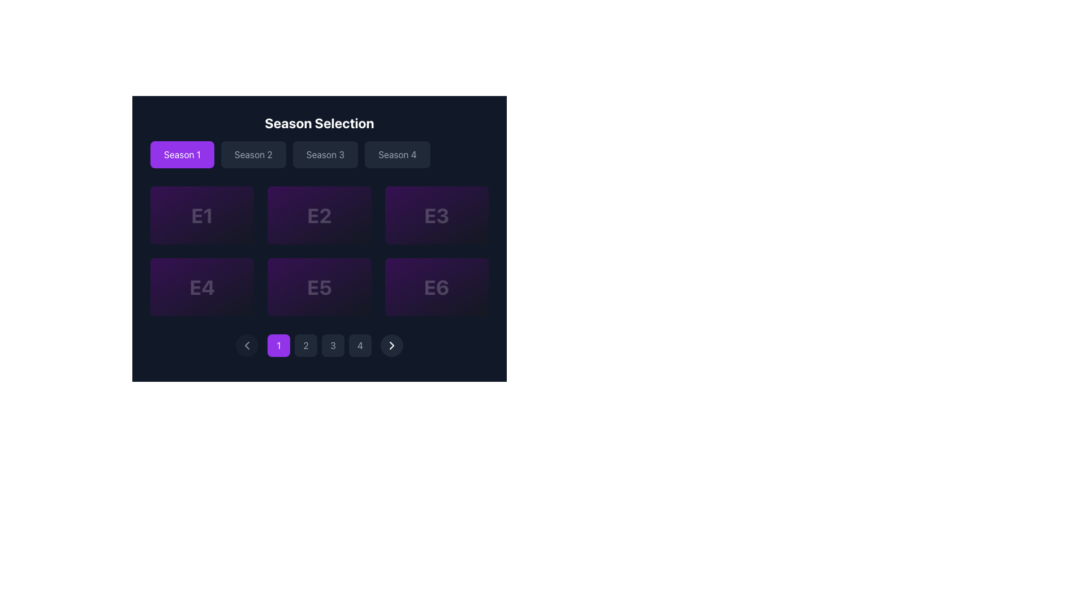 The image size is (1086, 610). I want to click on the non-interactive text label for 'E4' located in the second row, first column of the 2x3 grid within the 'Season 1' section, so click(202, 286).